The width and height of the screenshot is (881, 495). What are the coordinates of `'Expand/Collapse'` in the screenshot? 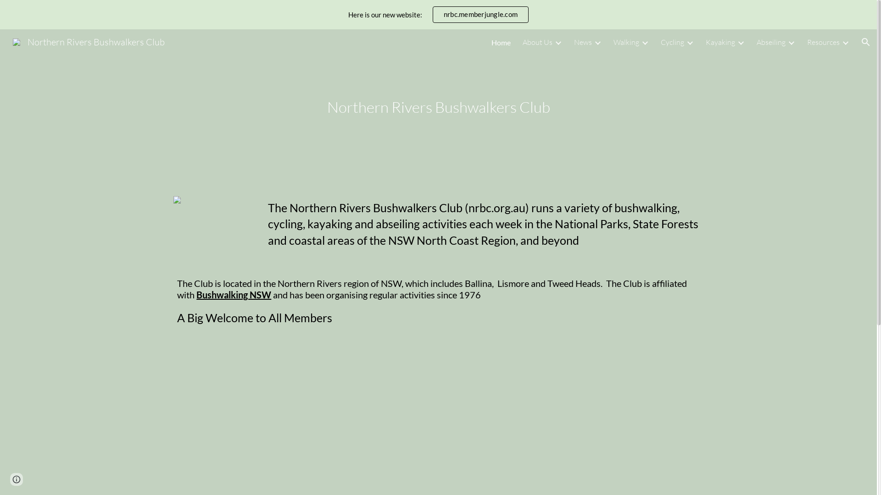 It's located at (841, 42).